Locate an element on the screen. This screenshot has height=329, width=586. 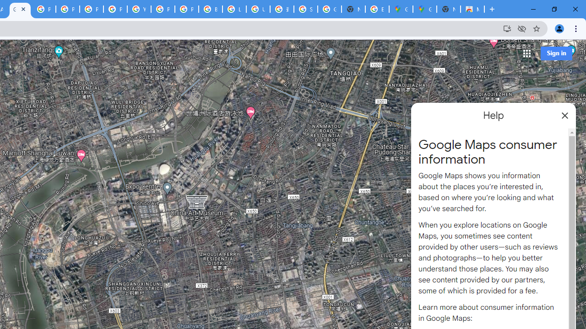
'Install Google Maps' is located at coordinates (506, 28).